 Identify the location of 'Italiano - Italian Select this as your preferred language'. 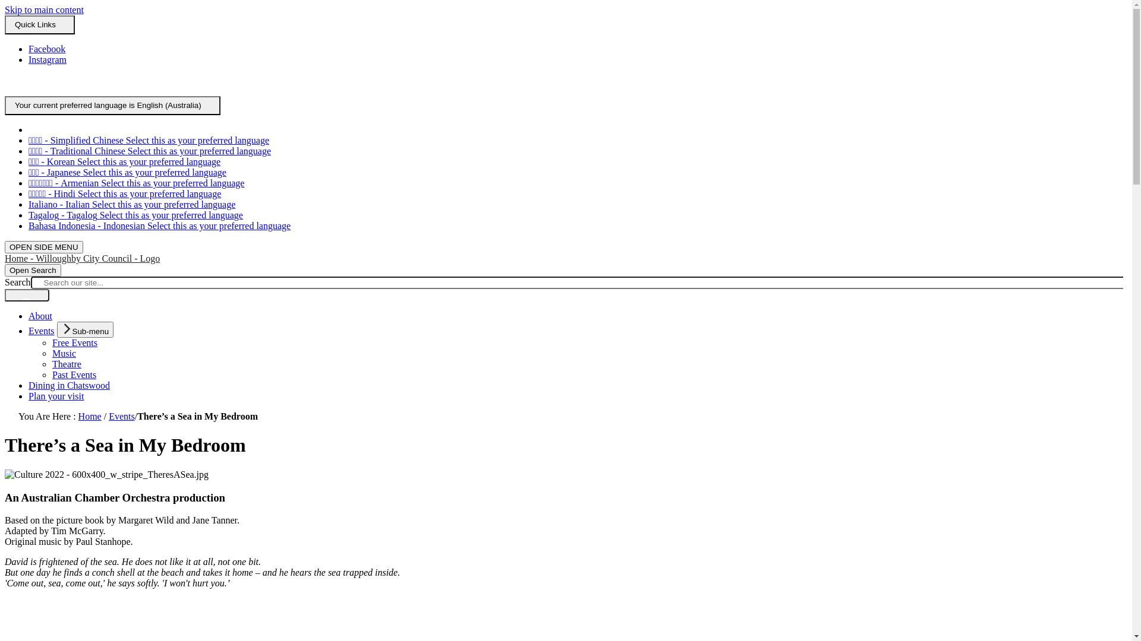
(131, 204).